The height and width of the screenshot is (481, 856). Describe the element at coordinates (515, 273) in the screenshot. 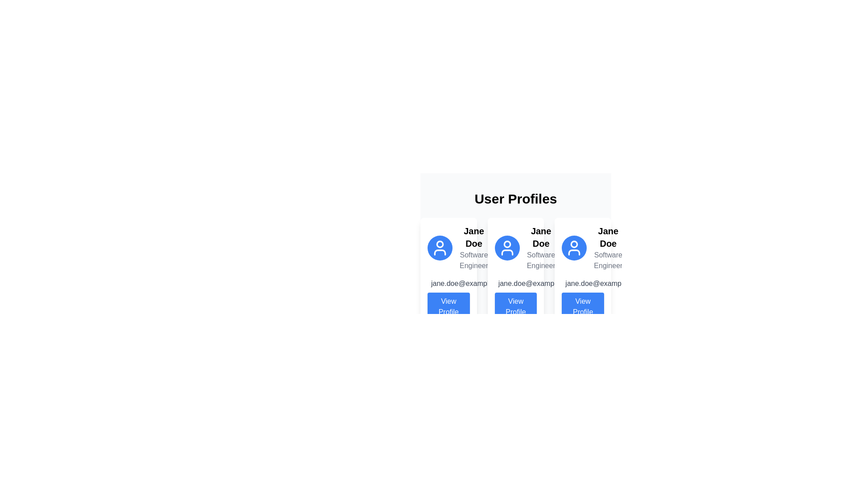

I see `details from the user profile card located in the middle column of the grid layout, directly below the title 'User Profiles'` at that location.